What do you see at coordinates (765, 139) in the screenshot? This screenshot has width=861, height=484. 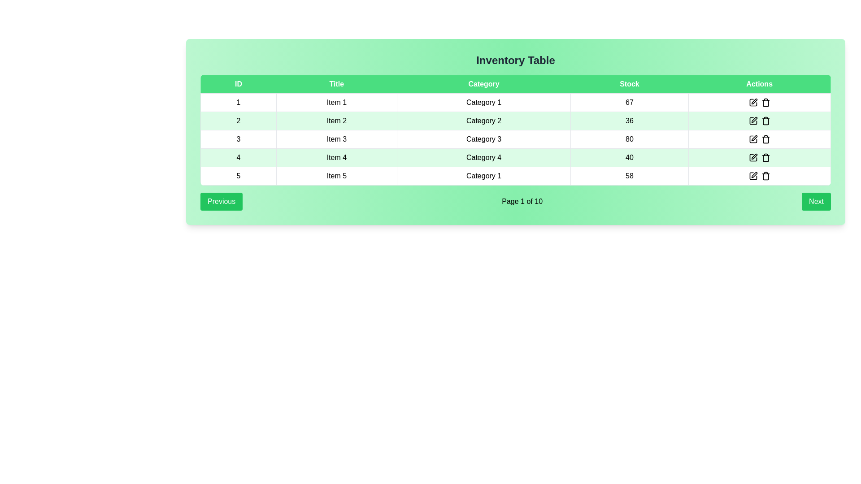 I see `the delete button icon located in the 'Actions' column of the row corresponding to the item with 'Stock' value of '80'` at bounding box center [765, 139].